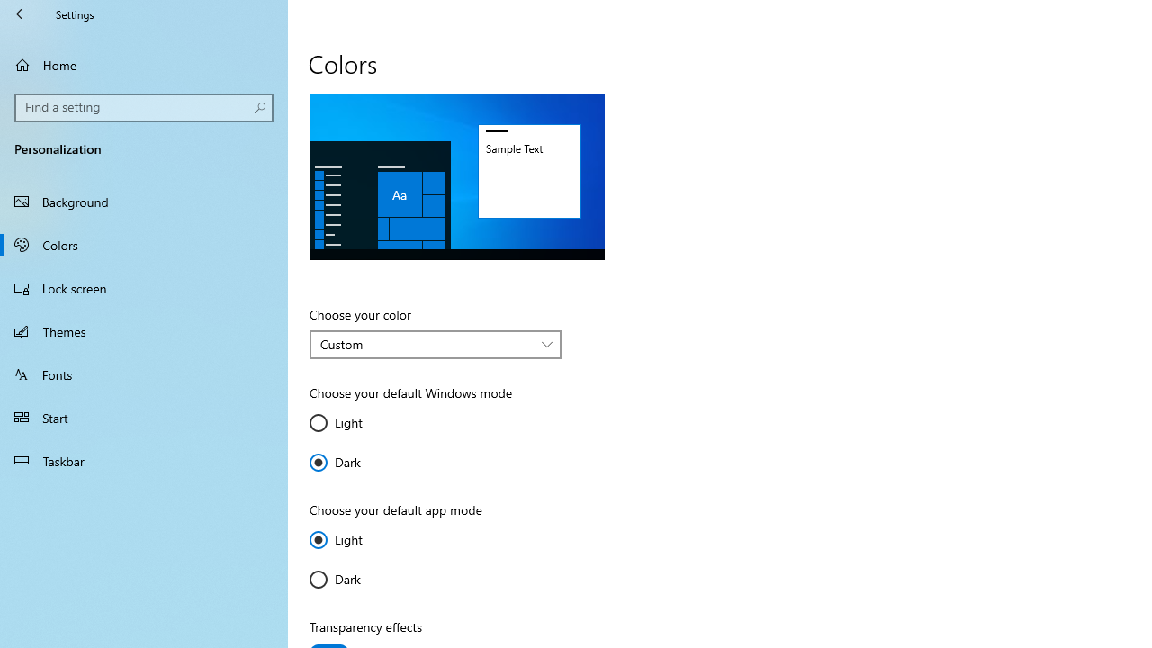 Image resolution: width=1152 pixels, height=648 pixels. What do you see at coordinates (144, 244) in the screenshot?
I see `'Colors'` at bounding box center [144, 244].